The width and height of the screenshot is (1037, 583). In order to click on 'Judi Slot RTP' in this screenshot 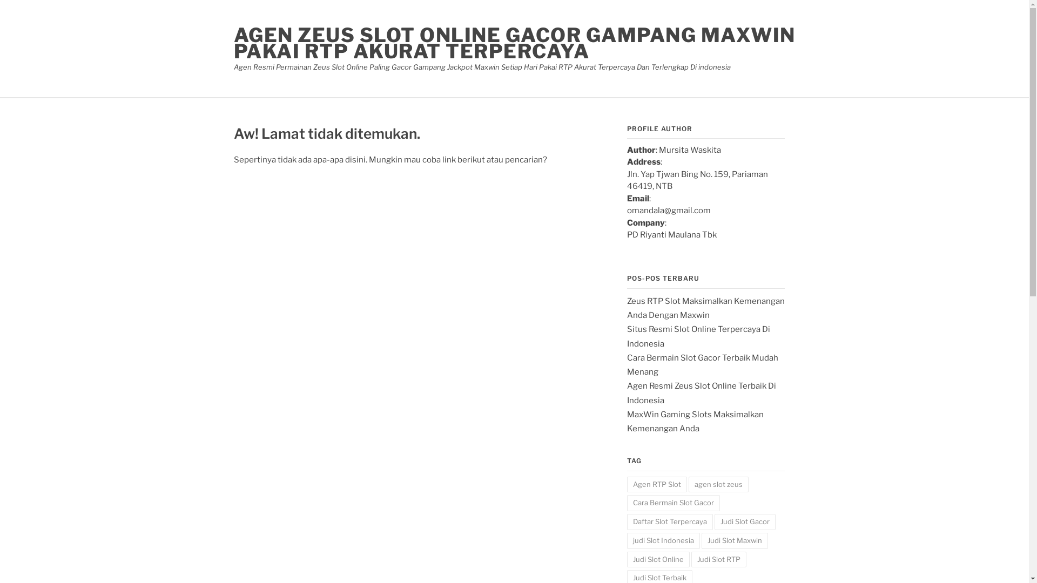, I will do `click(718, 559)`.